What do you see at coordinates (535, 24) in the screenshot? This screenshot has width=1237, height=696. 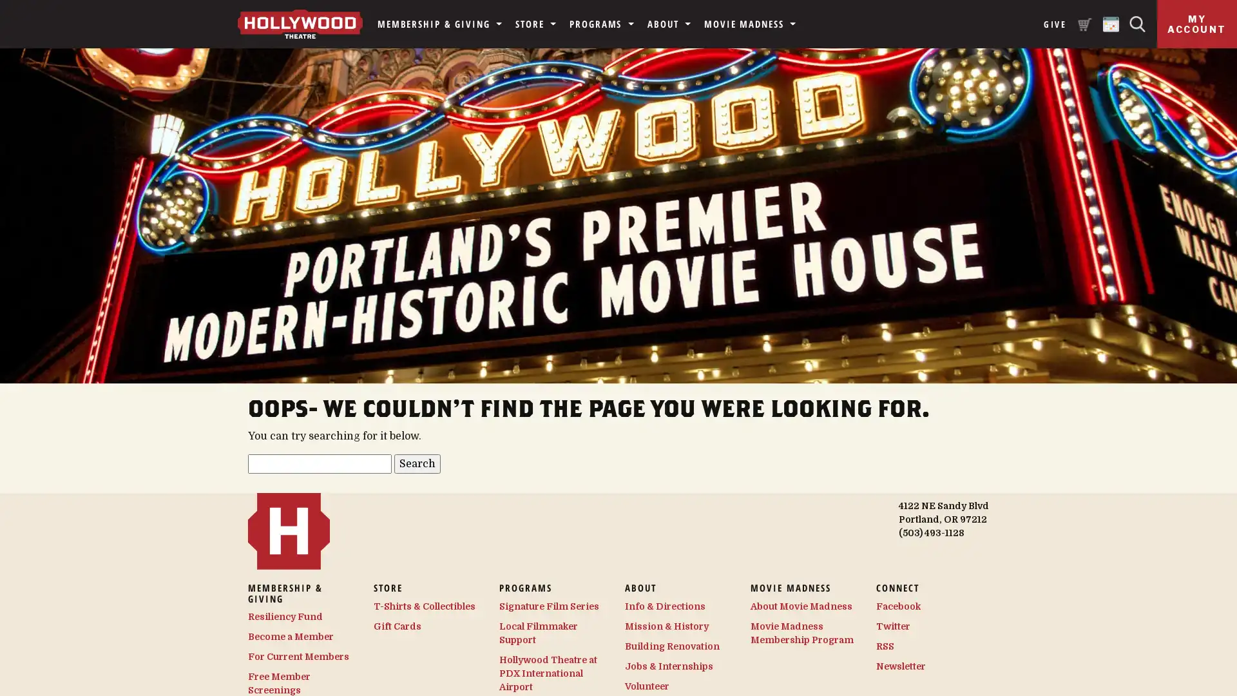 I see `STORE` at bounding box center [535, 24].